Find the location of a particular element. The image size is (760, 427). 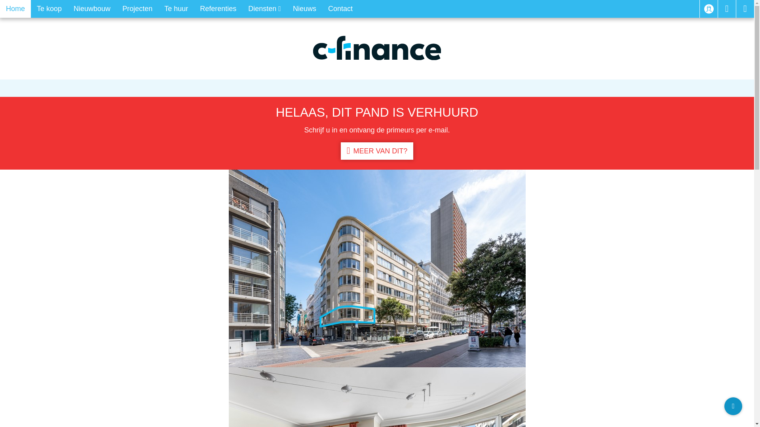

'Go to top' is located at coordinates (724, 406).